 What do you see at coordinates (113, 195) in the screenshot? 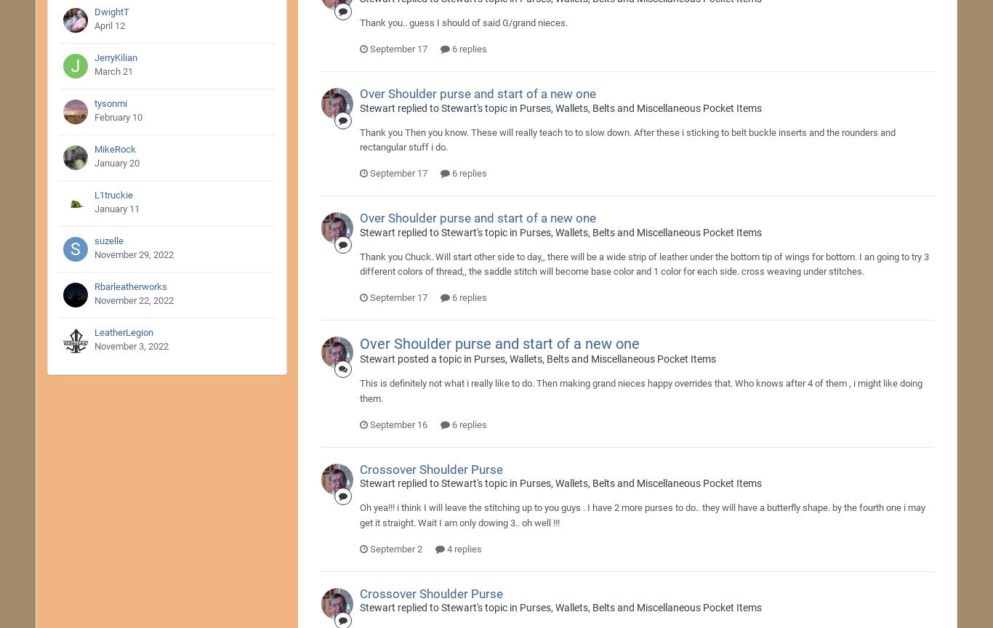
I see `'L1truckie'` at bounding box center [113, 195].